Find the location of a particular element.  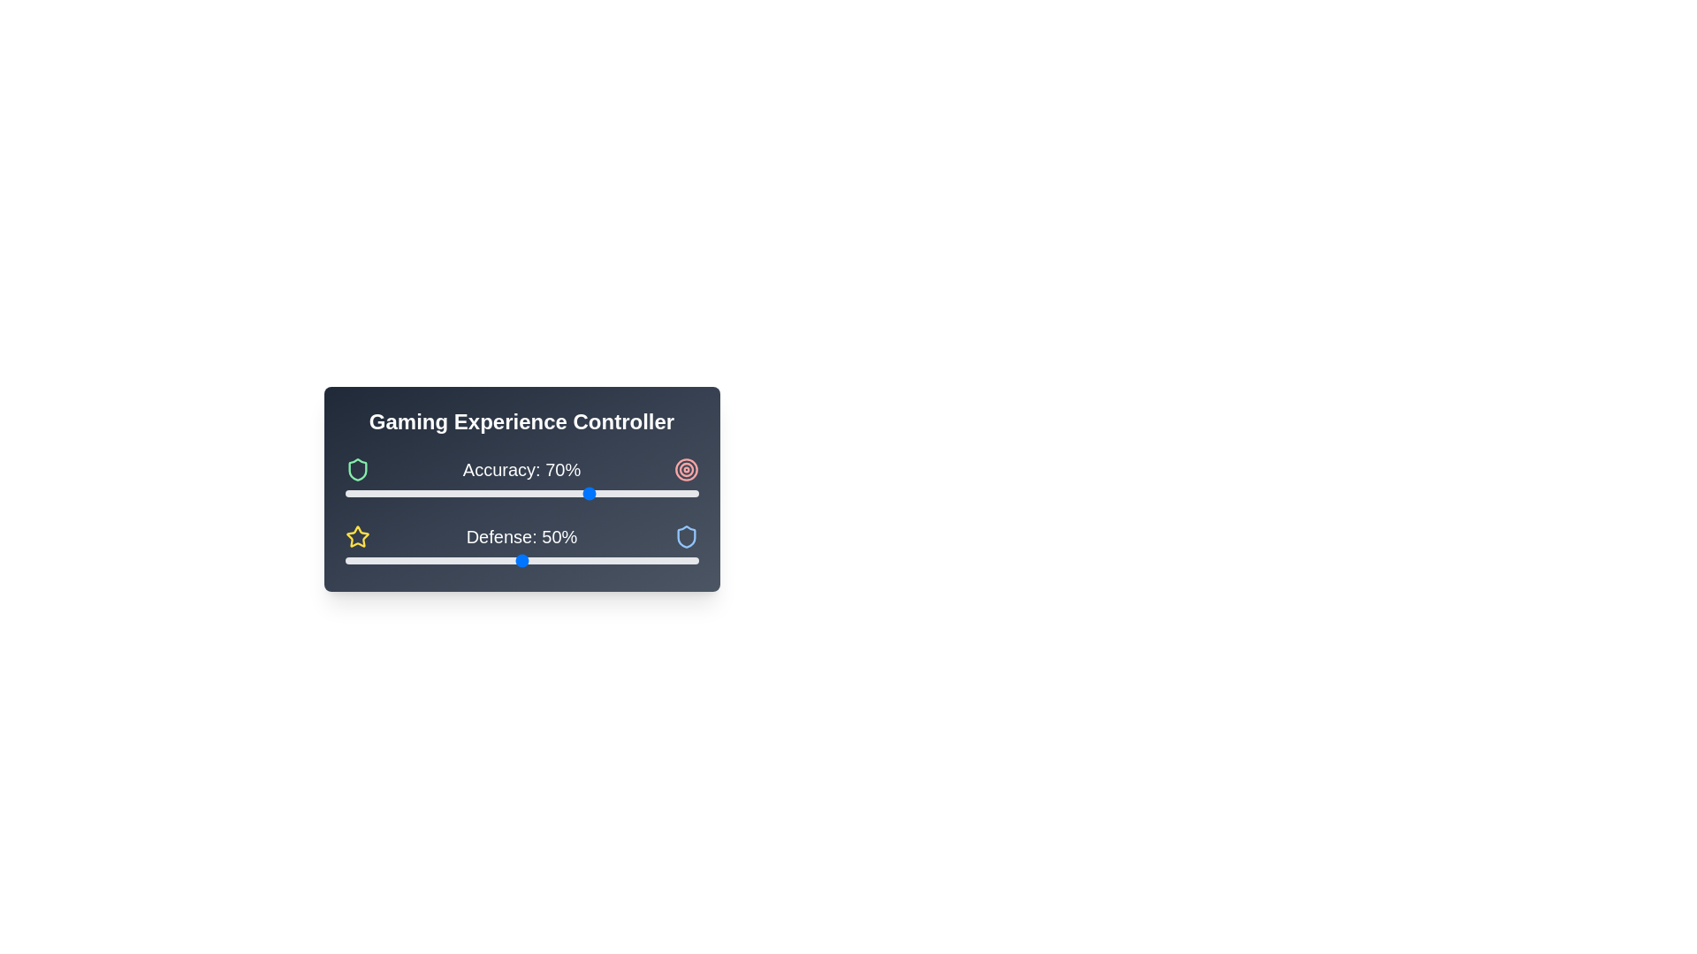

the 'Defense' slider to set its value to 41% by dragging the slider to the corresponding position is located at coordinates (490, 561).